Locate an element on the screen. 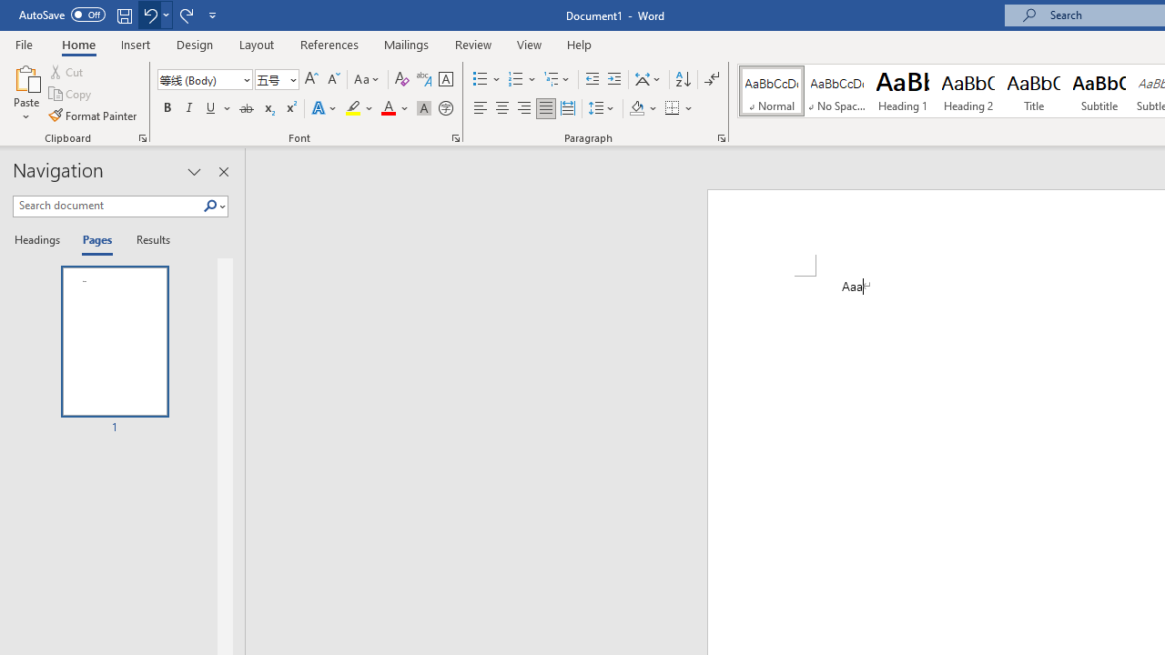 The image size is (1165, 655). 'Undo Increase Indent' is located at coordinates (149, 15).